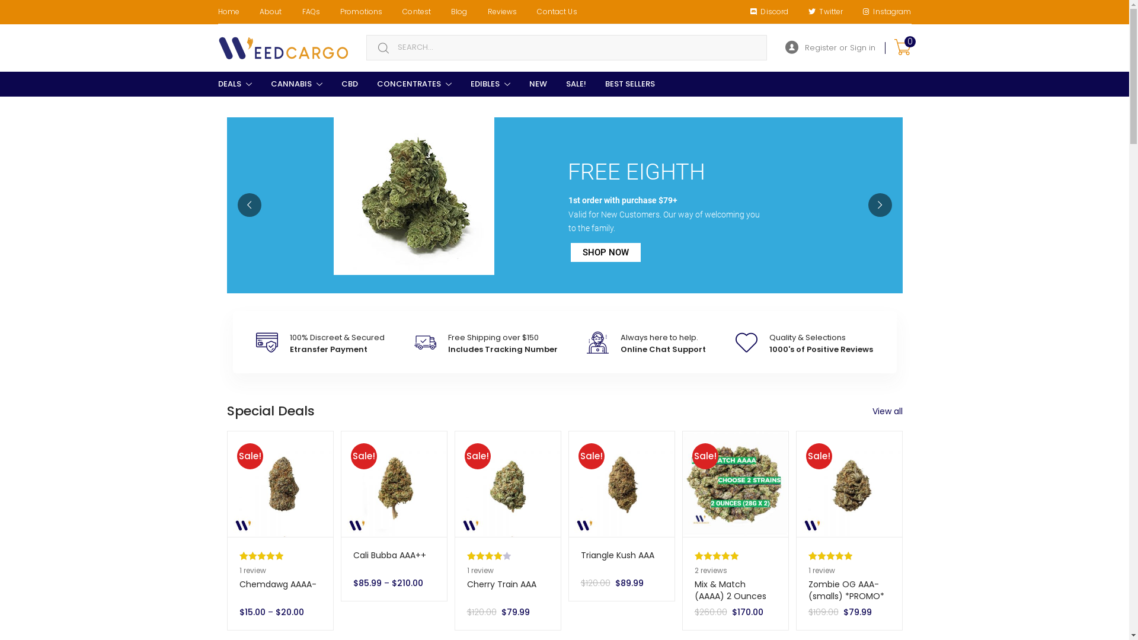  What do you see at coordinates (769, 11) in the screenshot?
I see `'Discord'` at bounding box center [769, 11].